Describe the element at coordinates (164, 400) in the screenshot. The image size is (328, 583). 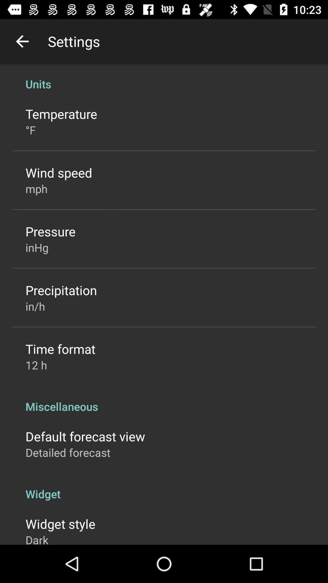
I see `item above default forecast view item` at that location.